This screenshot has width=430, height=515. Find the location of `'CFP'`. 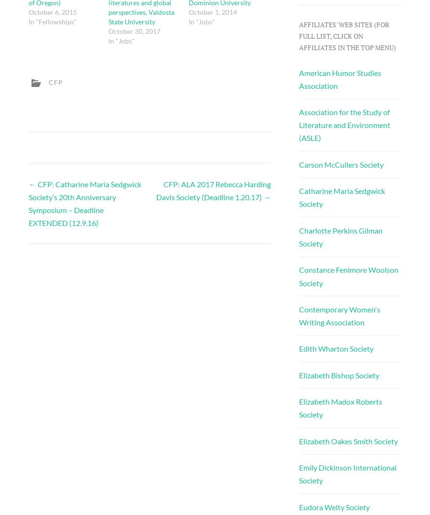

'CFP' is located at coordinates (56, 81).